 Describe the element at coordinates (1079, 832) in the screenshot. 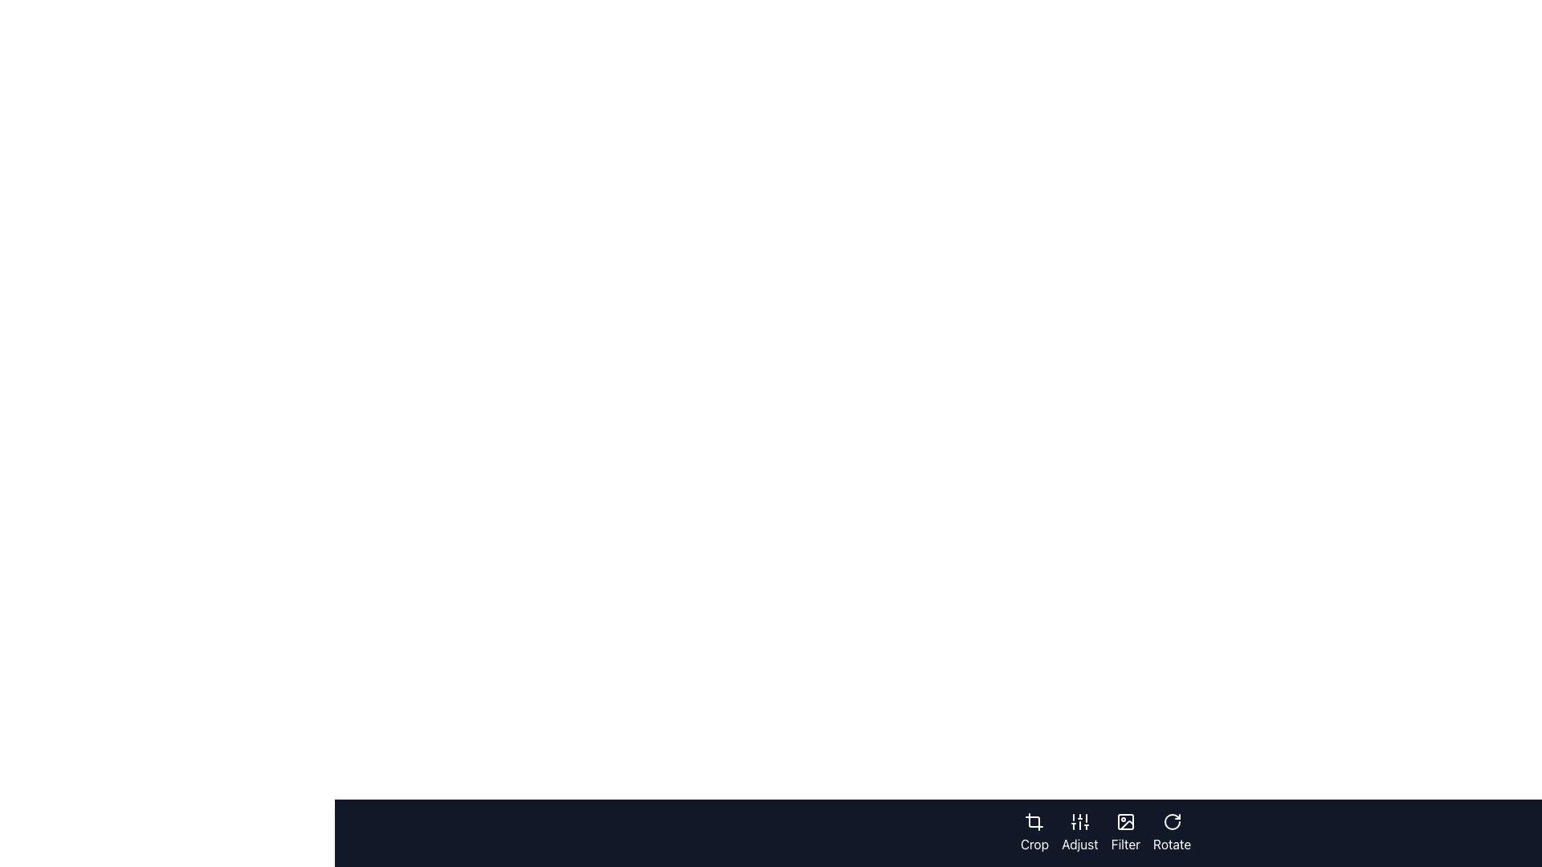

I see `the 'Adjust' button with an icon of vertical sliders in a bottom toolbar` at that location.